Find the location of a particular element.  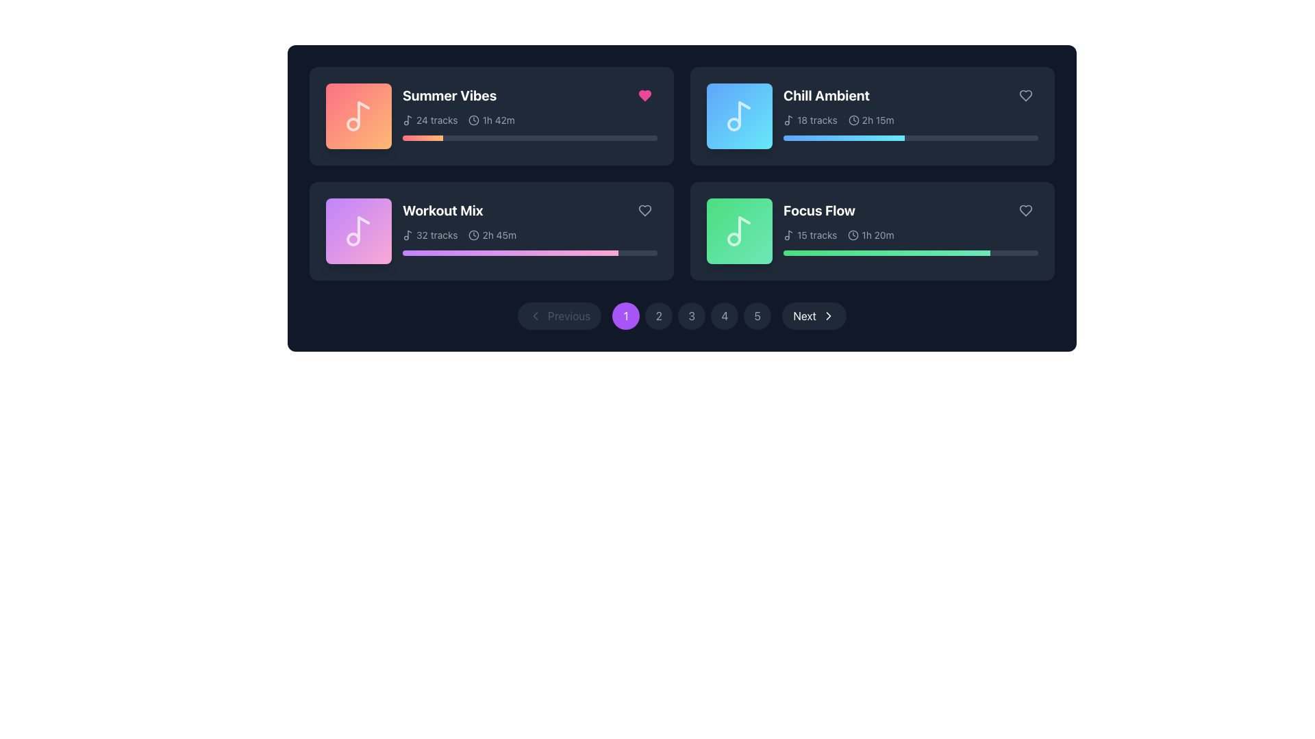

the Play button icon, which is a triangular play button filled with semi-transparent white color, located inside the highlighted blue to cyan gradient square in the 'Chill Ambient' section is located at coordinates (739, 115).